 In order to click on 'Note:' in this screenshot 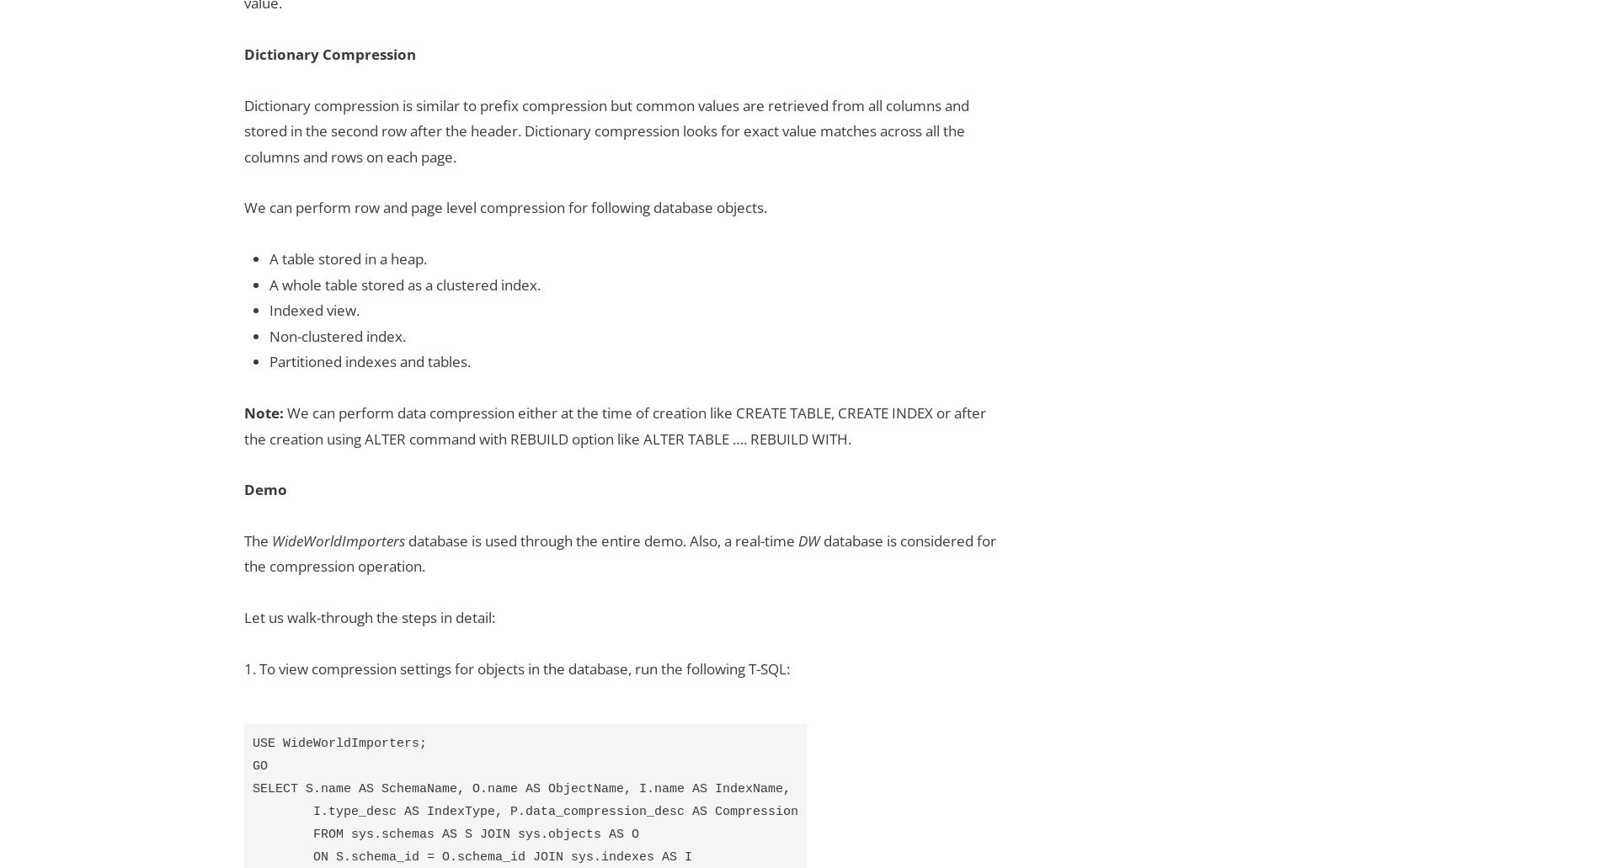, I will do `click(243, 412)`.